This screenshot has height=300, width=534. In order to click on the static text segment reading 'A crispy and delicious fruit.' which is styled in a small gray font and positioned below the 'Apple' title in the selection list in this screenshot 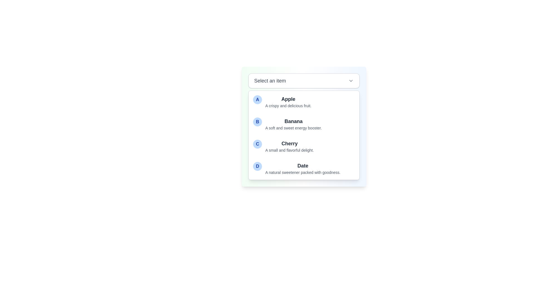, I will do `click(288, 106)`.